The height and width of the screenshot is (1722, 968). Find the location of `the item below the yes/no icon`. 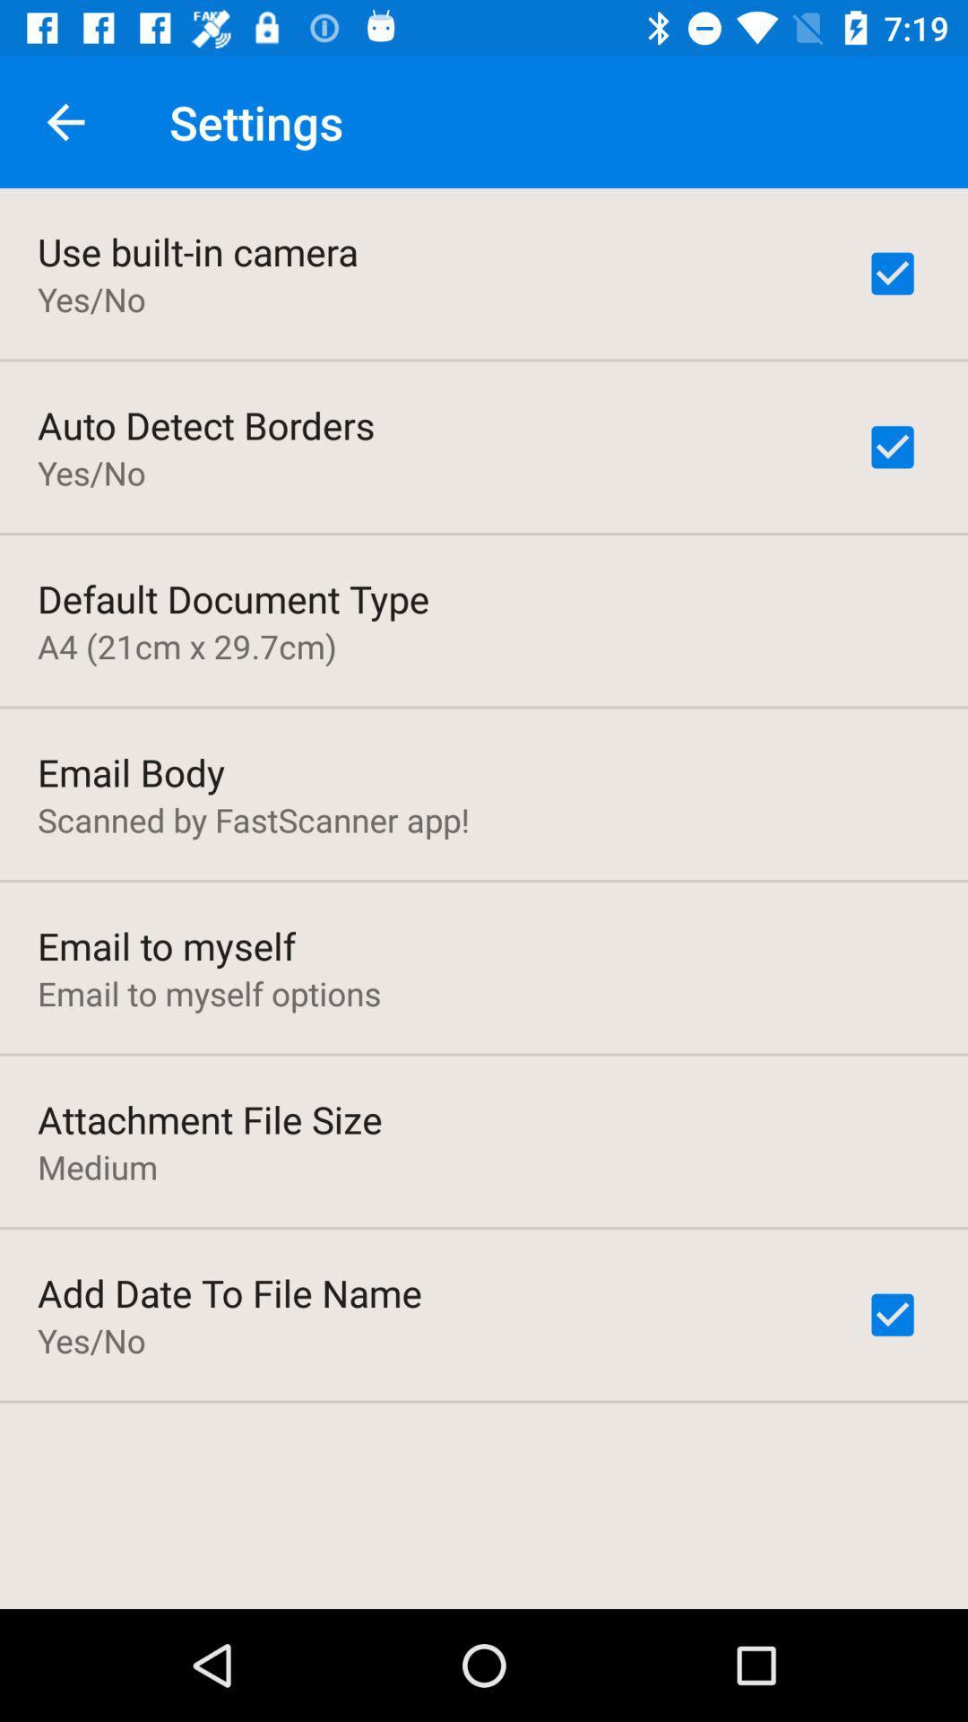

the item below the yes/no icon is located at coordinates (205, 424).